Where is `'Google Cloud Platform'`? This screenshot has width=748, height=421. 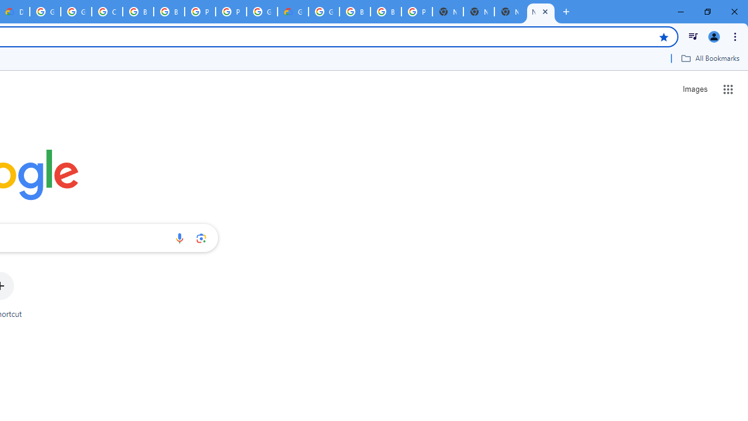
'Google Cloud Platform' is located at coordinates (324, 12).